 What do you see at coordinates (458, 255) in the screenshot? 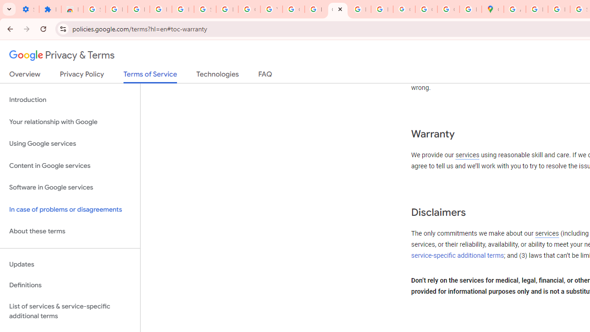
I see `'service-specific additional terms'` at bounding box center [458, 255].